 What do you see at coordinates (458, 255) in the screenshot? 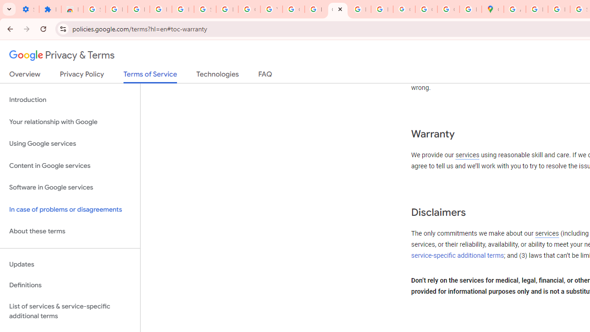
I see `'service-specific additional terms'` at bounding box center [458, 255].